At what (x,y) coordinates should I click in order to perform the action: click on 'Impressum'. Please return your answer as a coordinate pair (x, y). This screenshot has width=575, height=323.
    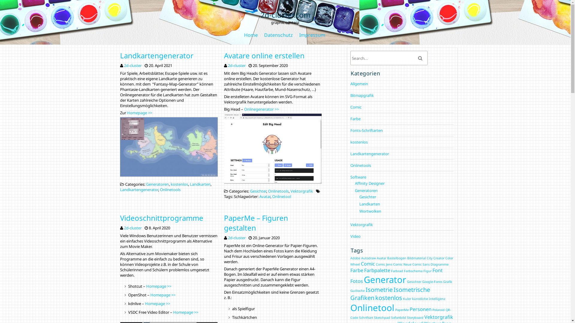
    Looking at the image, I should click on (311, 35).